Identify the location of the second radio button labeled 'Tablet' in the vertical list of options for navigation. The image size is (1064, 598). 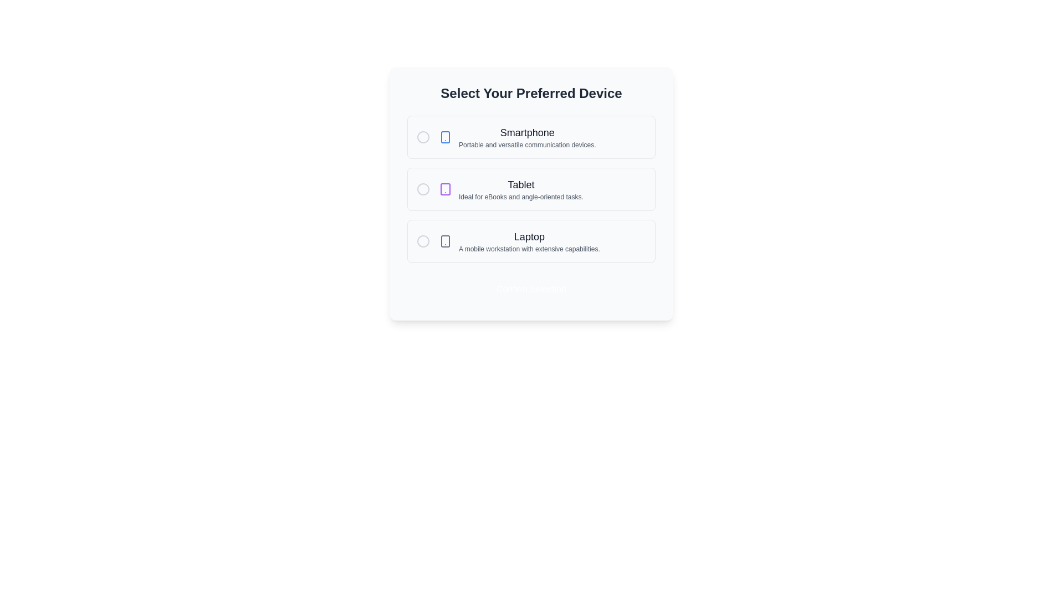
(422, 189).